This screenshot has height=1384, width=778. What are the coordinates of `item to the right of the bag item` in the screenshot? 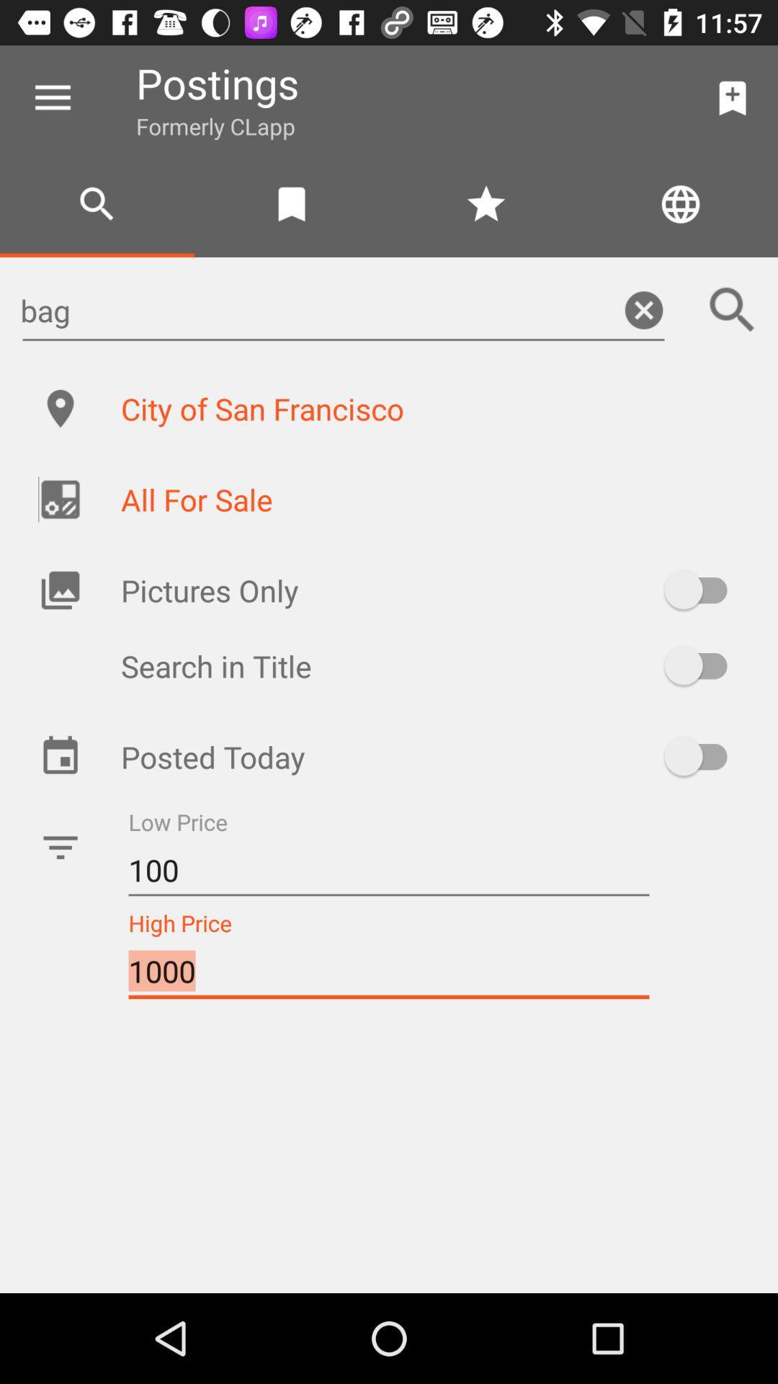 It's located at (733, 309).